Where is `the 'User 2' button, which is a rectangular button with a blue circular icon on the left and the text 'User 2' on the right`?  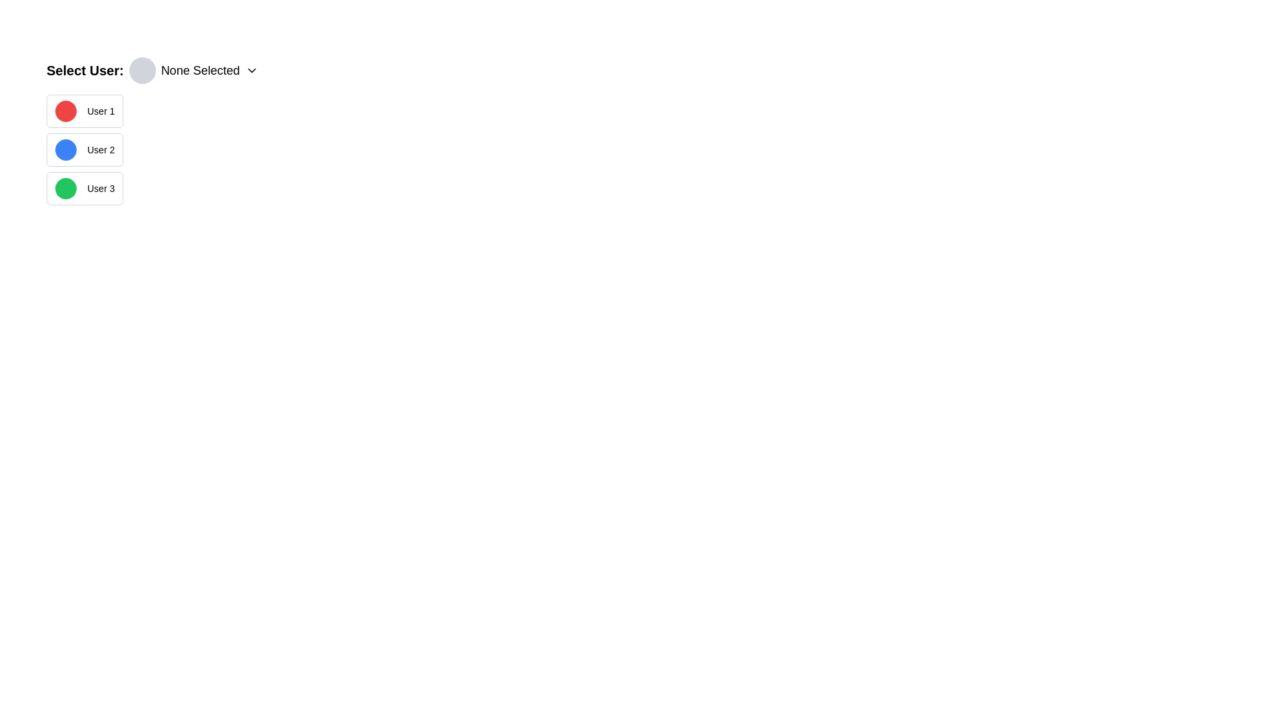
the 'User 2' button, which is a rectangular button with a blue circular icon on the left and the text 'User 2' on the right is located at coordinates (84, 149).